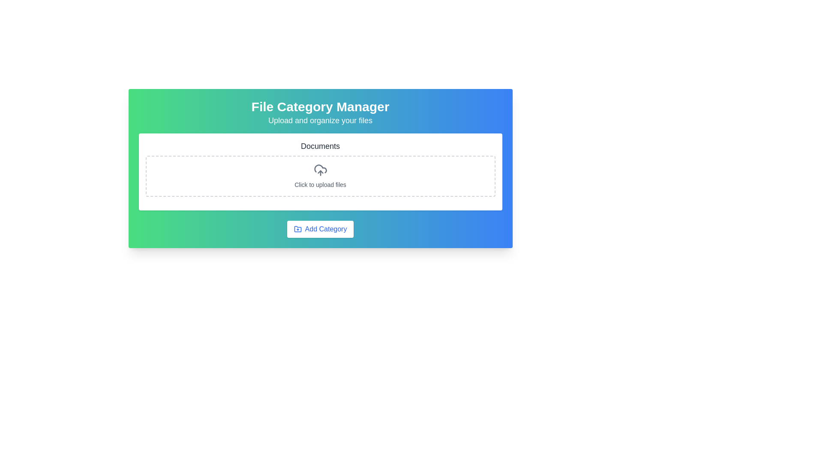  What do you see at coordinates (320, 107) in the screenshot?
I see `the Static text heading labeled 'File Category Manager', which serves as the title for the section, to provide users with a clear understanding of its purpose` at bounding box center [320, 107].